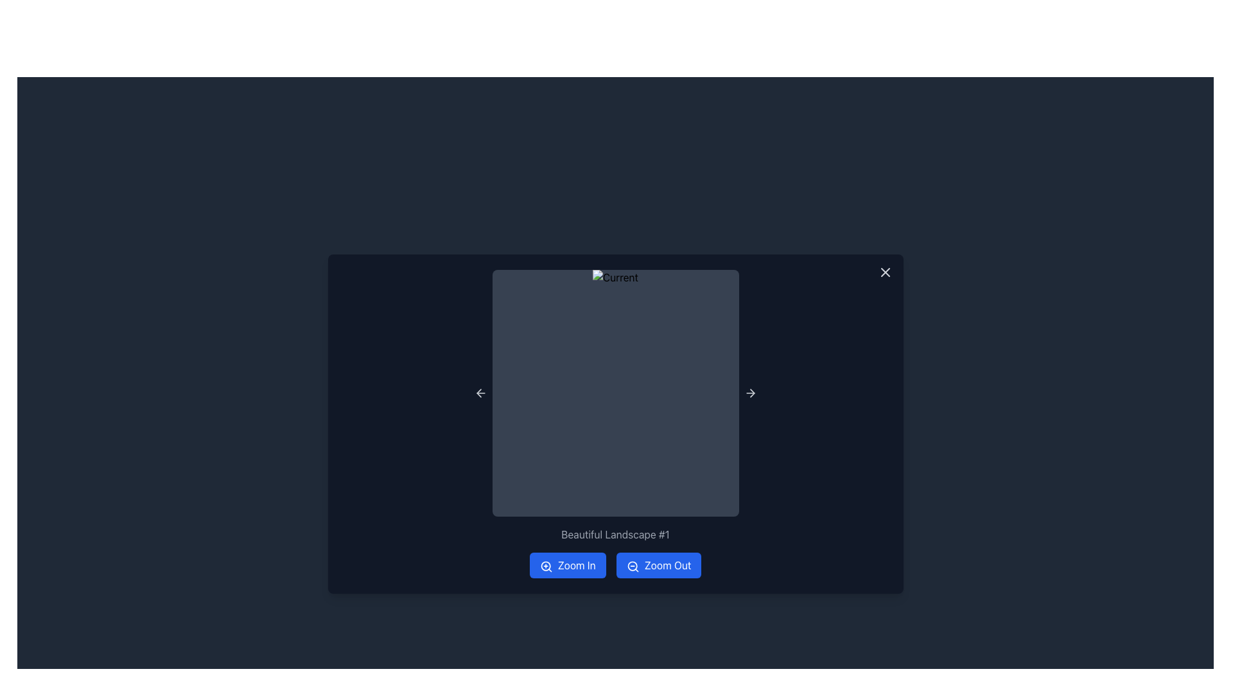  What do you see at coordinates (480, 393) in the screenshot?
I see `the leftward-facing arrow button, which has a light-colored outline against a dark background` at bounding box center [480, 393].